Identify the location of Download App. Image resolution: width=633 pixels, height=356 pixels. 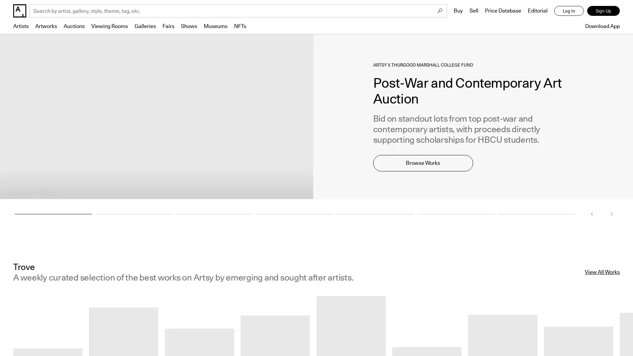
(601, 26).